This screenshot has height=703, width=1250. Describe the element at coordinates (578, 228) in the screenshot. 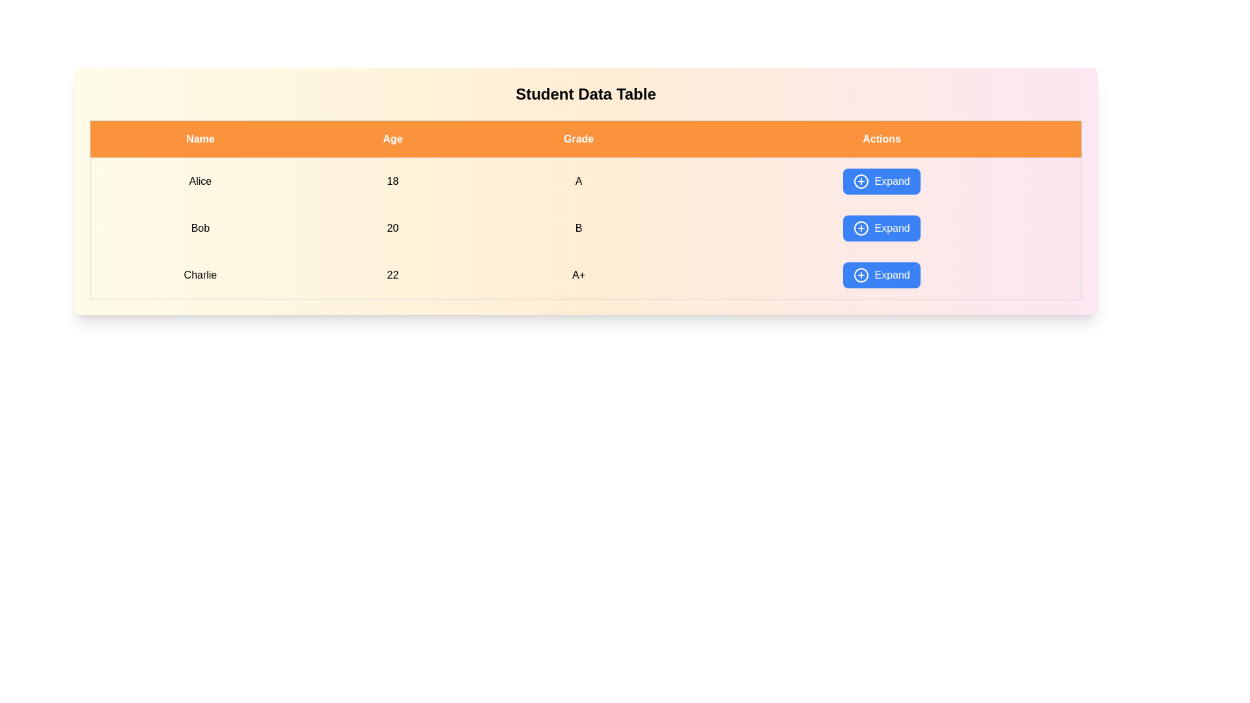

I see `the text display showing the grade 'B' for the individual named 'Bob' in the second row under the 'Grade' column` at that location.